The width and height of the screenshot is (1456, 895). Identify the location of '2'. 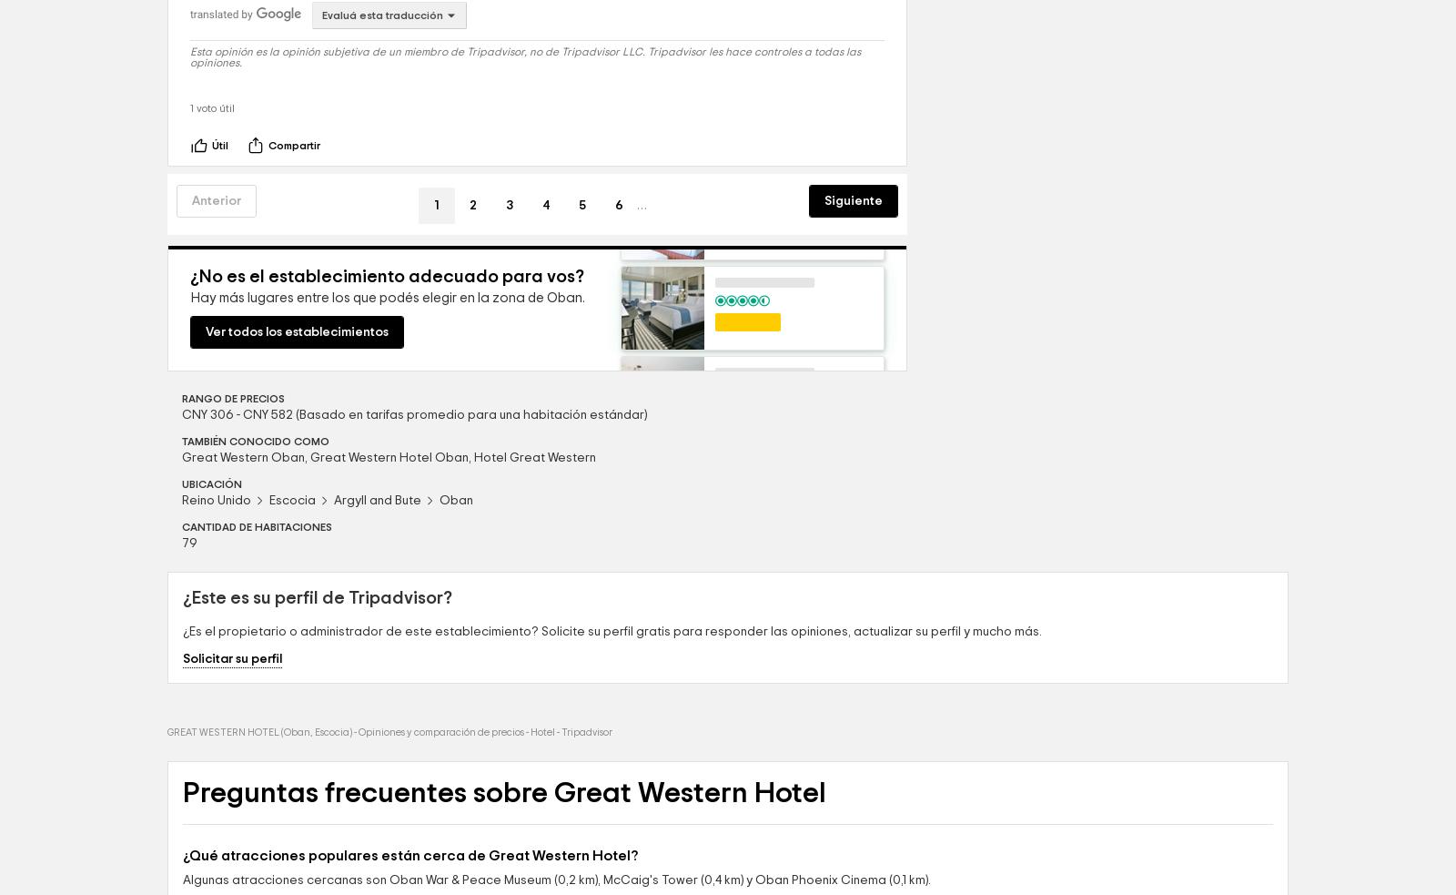
(472, 331).